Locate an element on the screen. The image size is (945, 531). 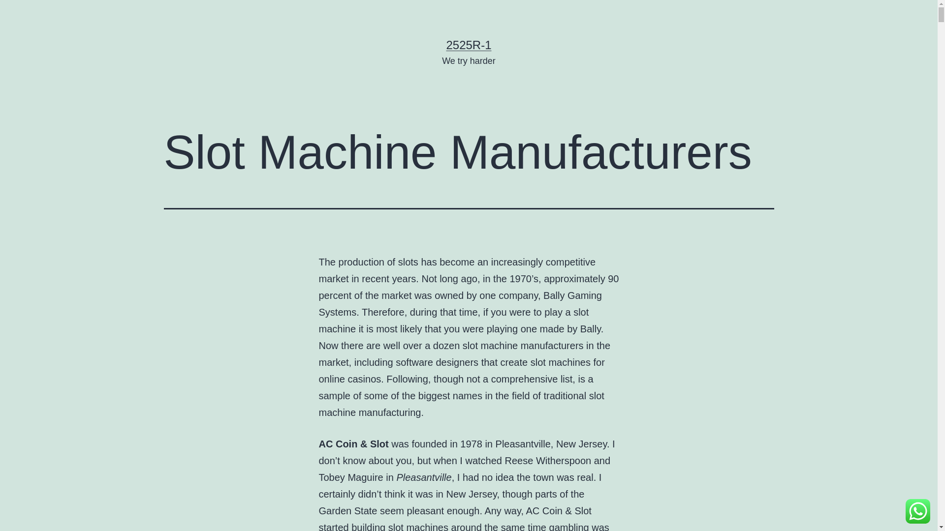
'2525R-1' is located at coordinates (468, 45).